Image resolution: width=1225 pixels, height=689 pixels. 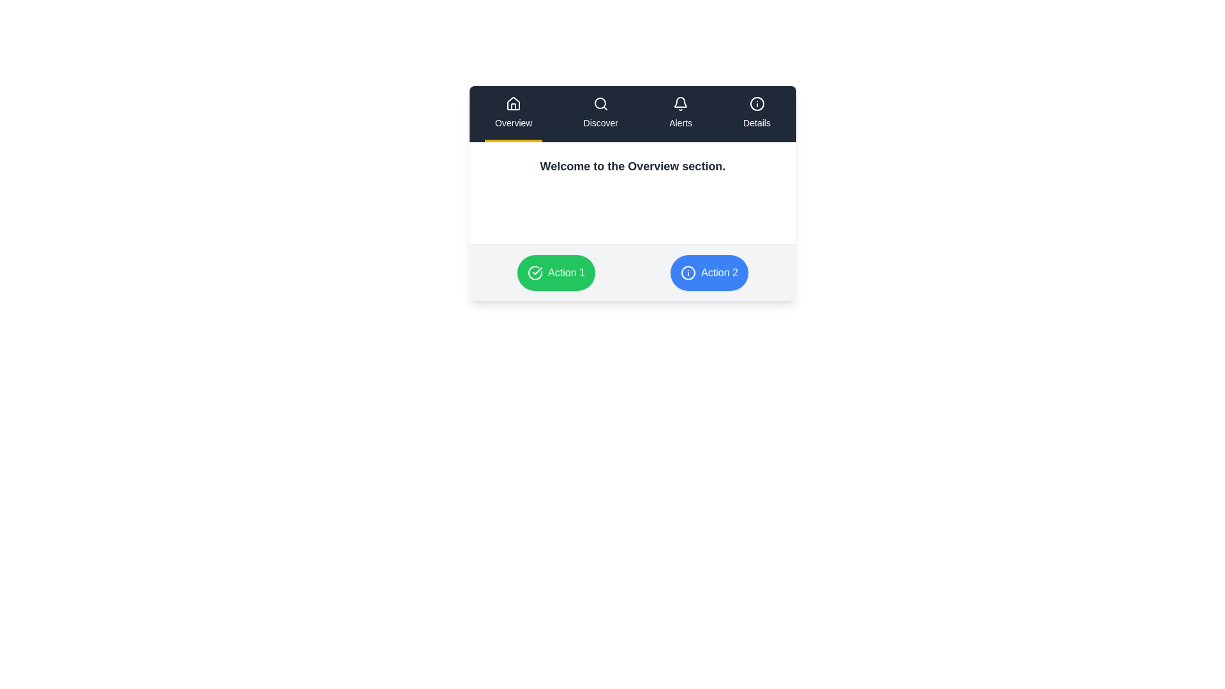 I want to click on the circular graphical component inside the 'Details' icon located in the top navigation bar on the far right, so click(x=757, y=103).